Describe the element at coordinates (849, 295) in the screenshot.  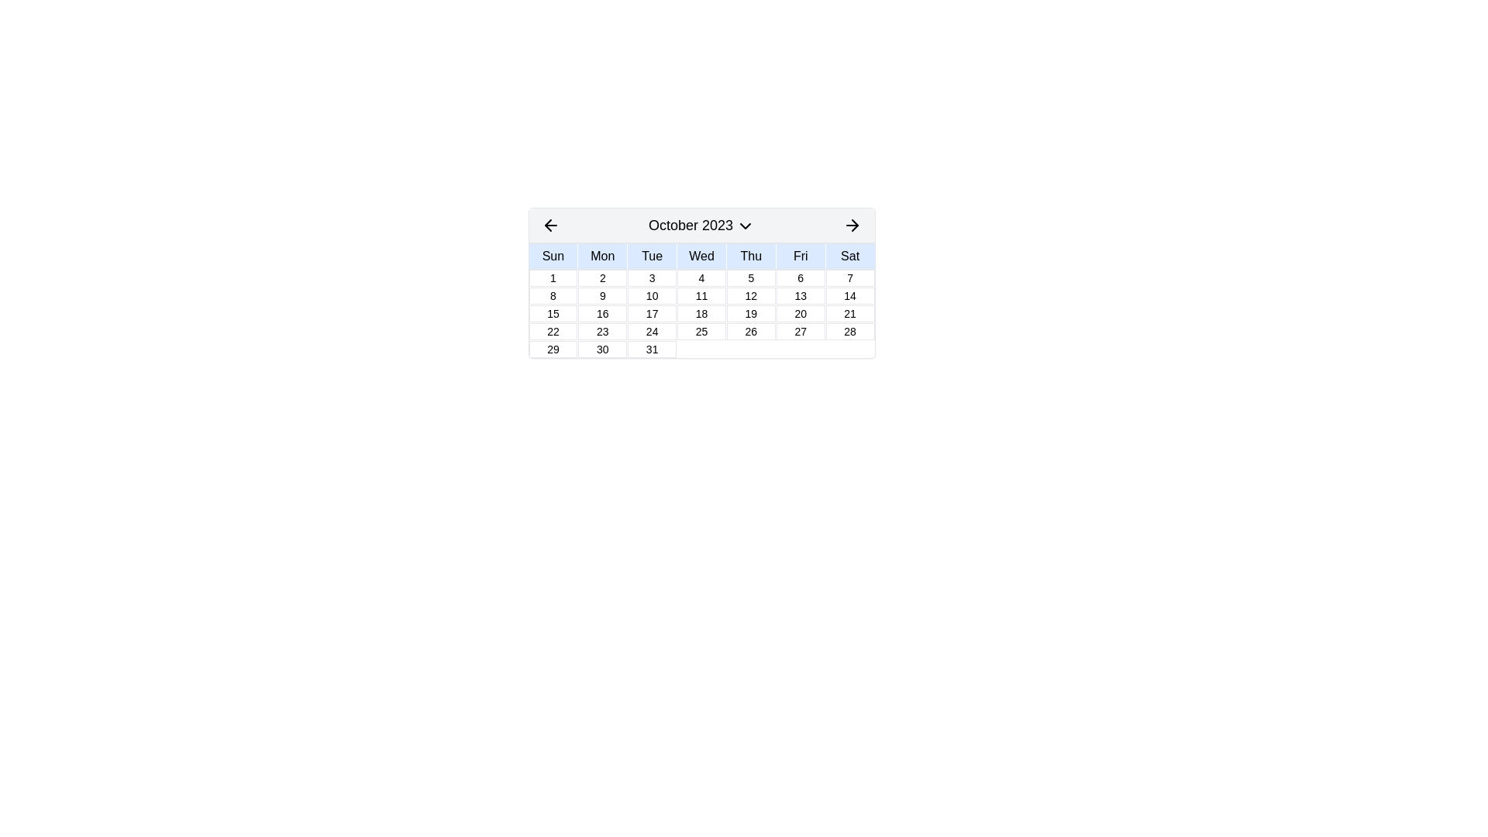
I see `the calendar day cell representing the date '14' in the second row and seventh column` at that location.